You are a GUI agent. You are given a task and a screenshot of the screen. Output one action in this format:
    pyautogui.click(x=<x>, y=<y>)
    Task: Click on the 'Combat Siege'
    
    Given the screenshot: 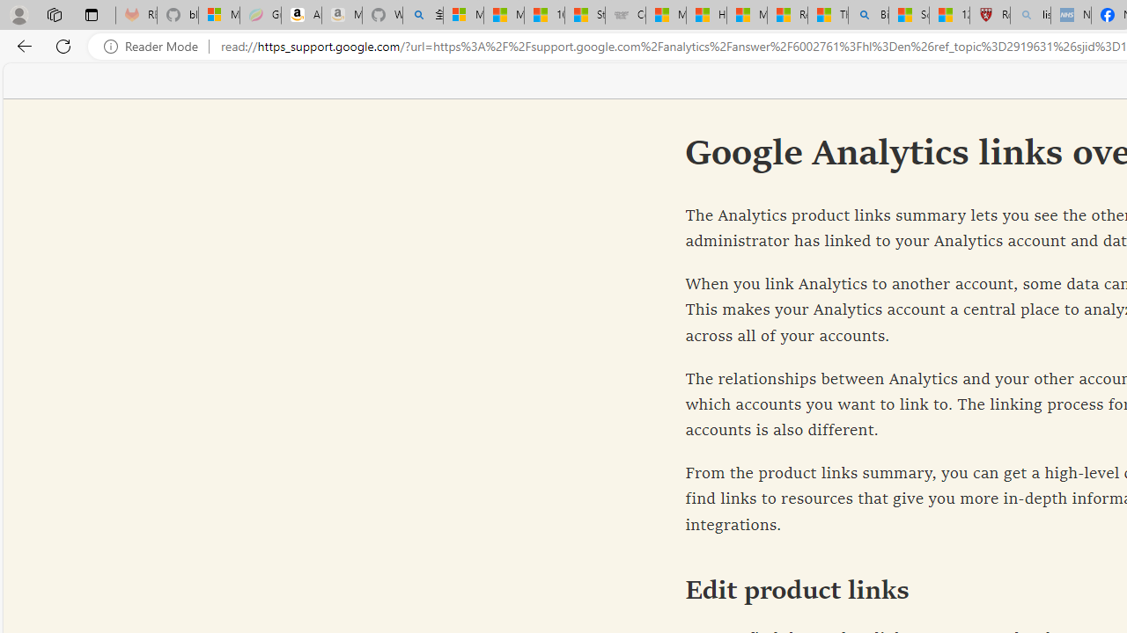 What is the action you would take?
    pyautogui.click(x=625, y=15)
    